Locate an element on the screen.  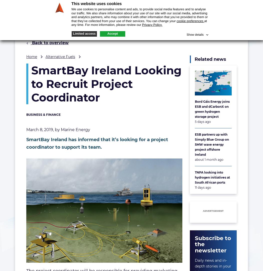
'about 1 month ago' is located at coordinates (209, 159).